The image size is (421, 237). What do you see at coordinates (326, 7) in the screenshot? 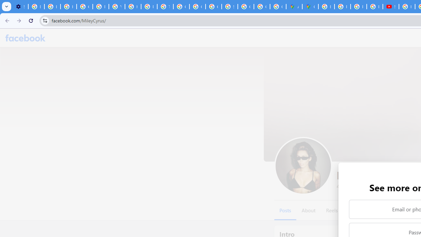
I see `'Blogger Policies and Guidelines - Transparency Center'` at bounding box center [326, 7].